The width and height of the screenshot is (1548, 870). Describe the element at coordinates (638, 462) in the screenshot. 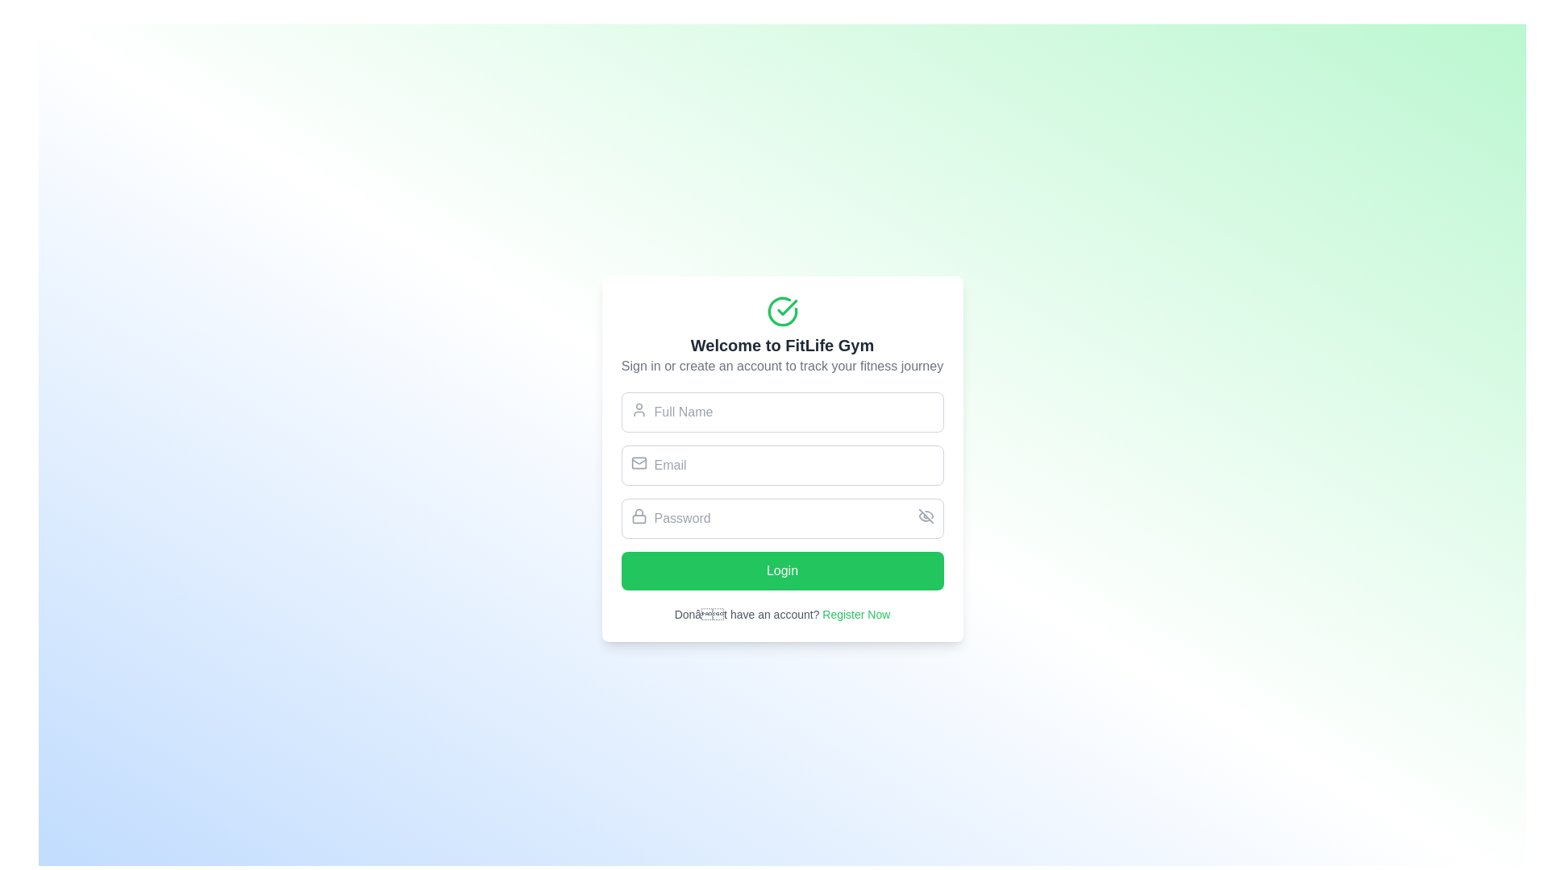

I see `the email input icon located on the left side of the 'Email' input field, which signifies the purpose of entering an email address` at that location.